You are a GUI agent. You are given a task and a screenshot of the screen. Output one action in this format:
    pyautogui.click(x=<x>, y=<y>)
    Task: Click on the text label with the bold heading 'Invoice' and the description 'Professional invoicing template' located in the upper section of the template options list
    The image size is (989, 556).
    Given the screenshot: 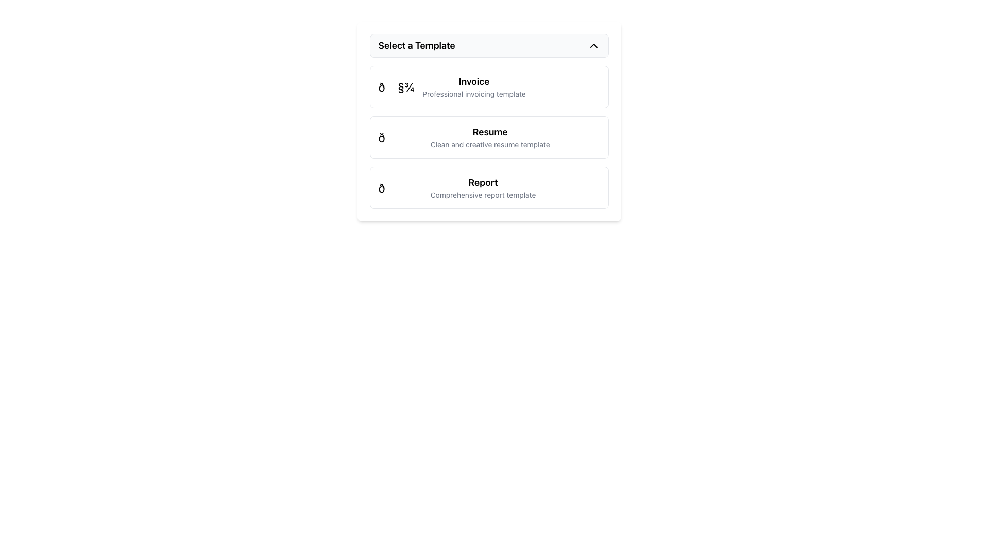 What is the action you would take?
    pyautogui.click(x=473, y=86)
    